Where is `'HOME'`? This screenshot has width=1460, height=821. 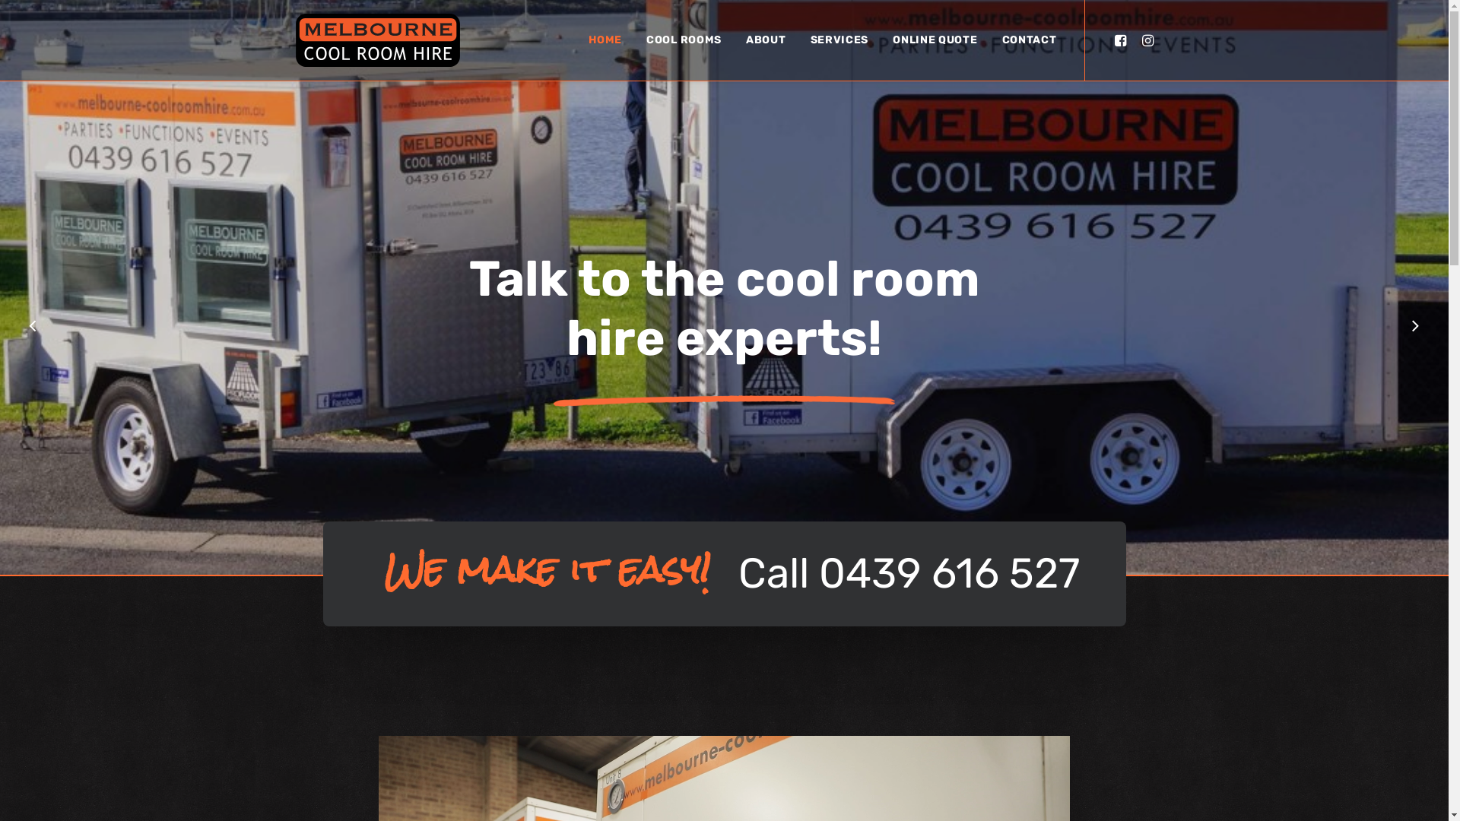
'HOME' is located at coordinates (605, 40).